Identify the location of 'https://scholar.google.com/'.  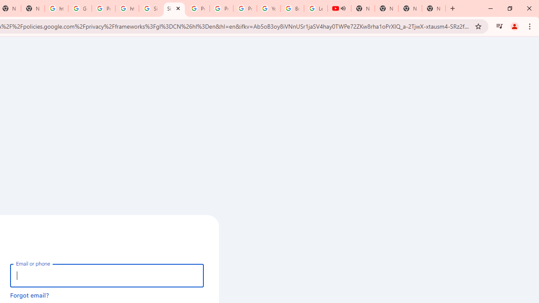
(56, 8).